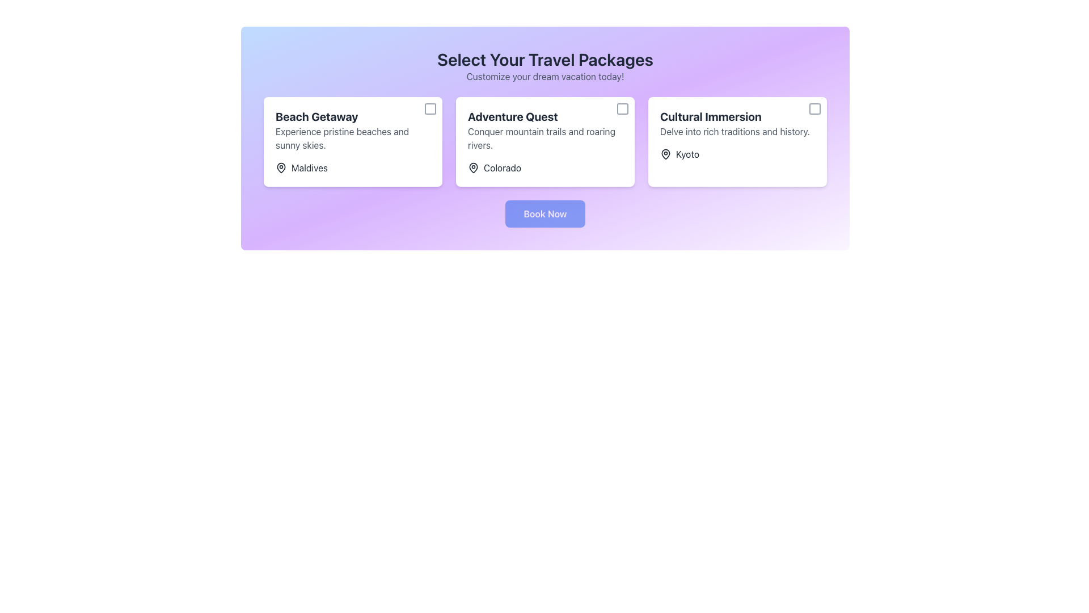 The width and height of the screenshot is (1089, 613). I want to click on the 'Adventure Quest' text block, which is the center card in a three-card layout, to interact with it if it is interactive, so click(545, 130).